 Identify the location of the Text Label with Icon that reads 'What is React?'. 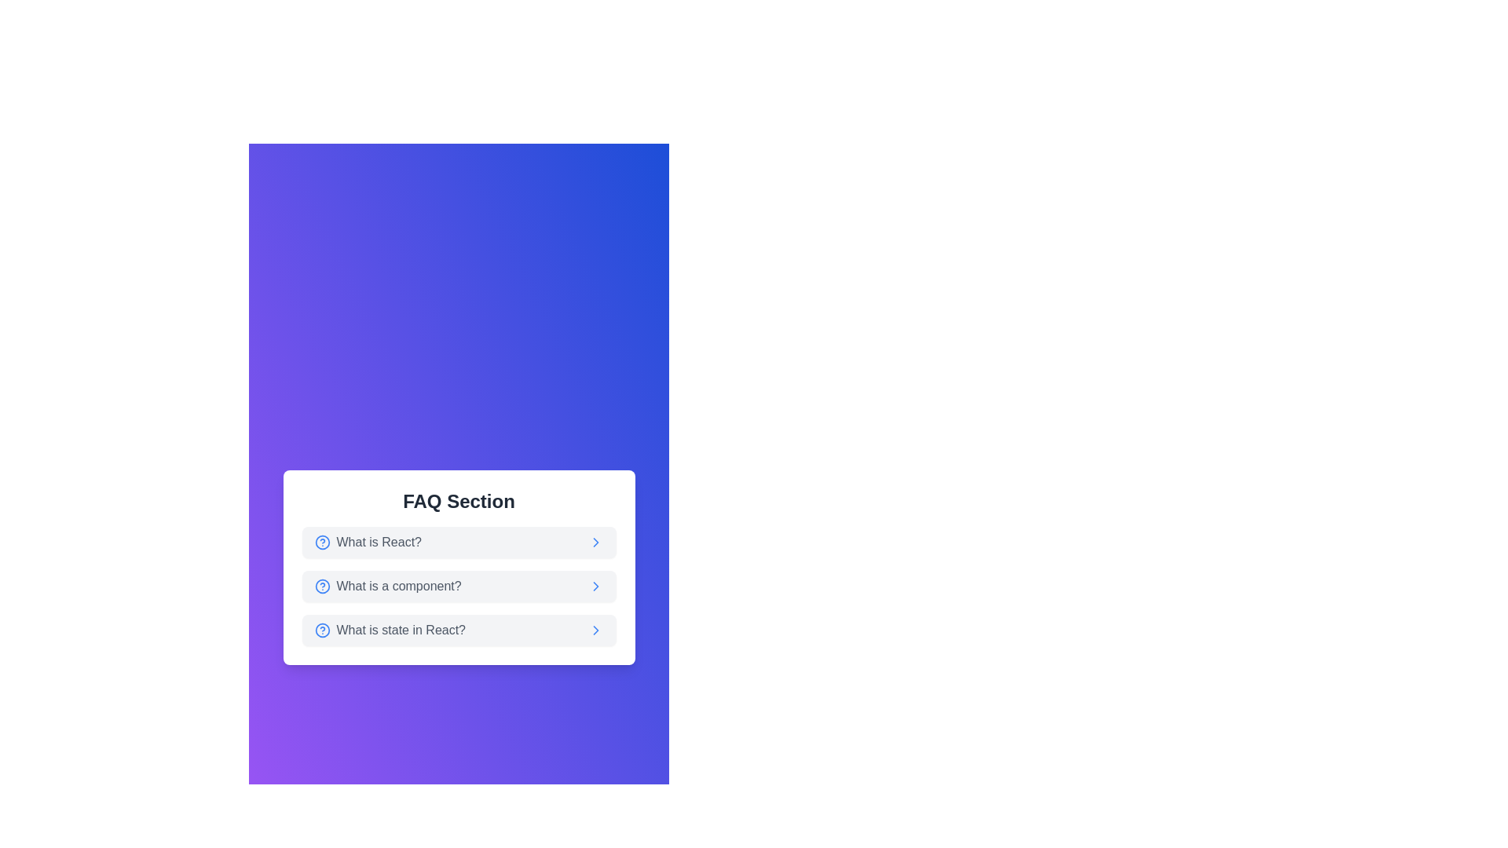
(367, 541).